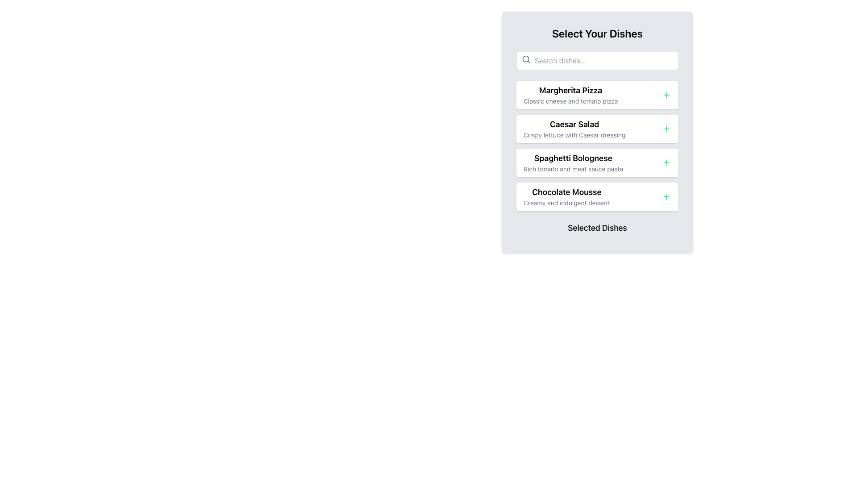 The height and width of the screenshot is (482, 857). I want to click on the search icon located inside the search bar, to the left of the placeholder text 'Search dishes...', so click(526, 59).